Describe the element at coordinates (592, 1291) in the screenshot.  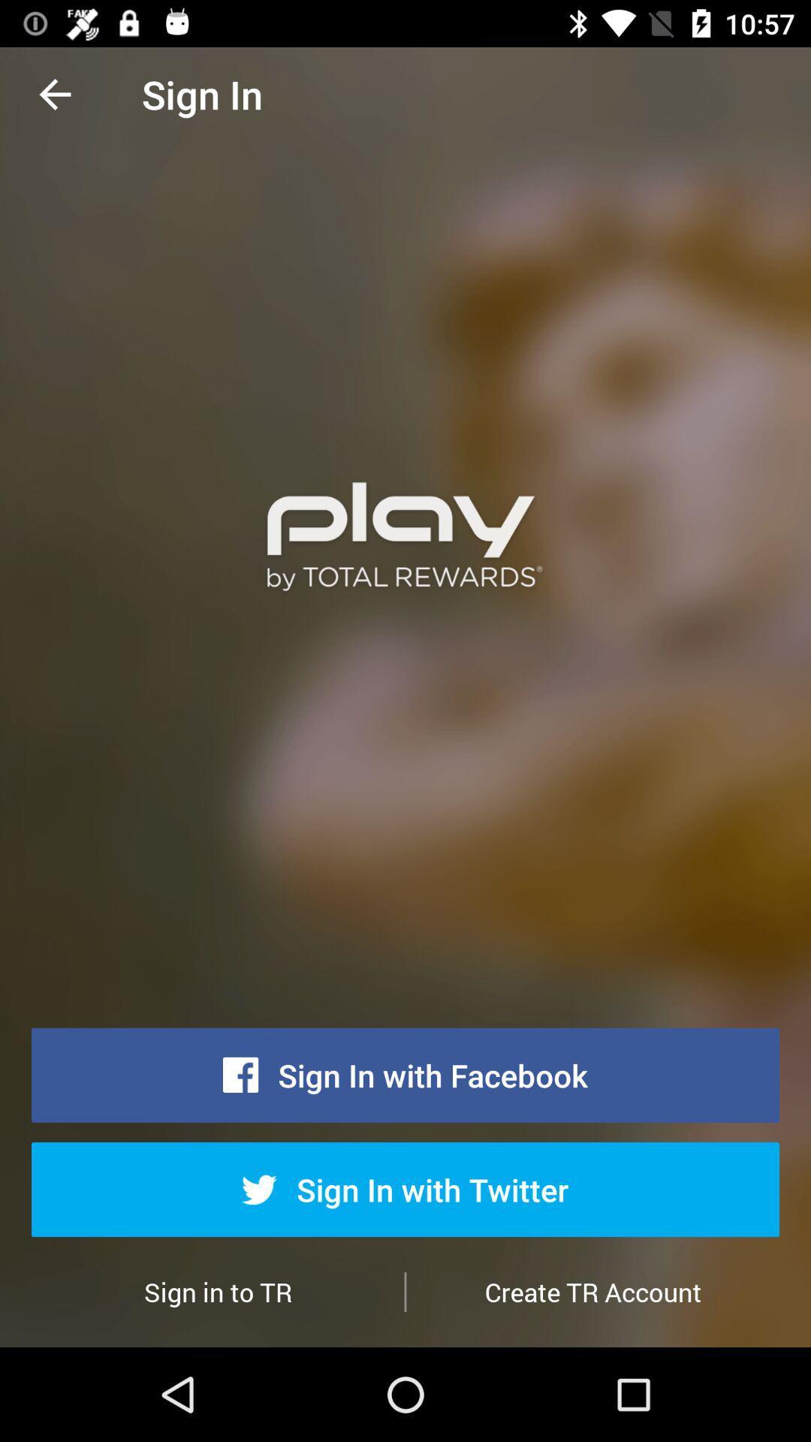
I see `create tr account item` at that location.